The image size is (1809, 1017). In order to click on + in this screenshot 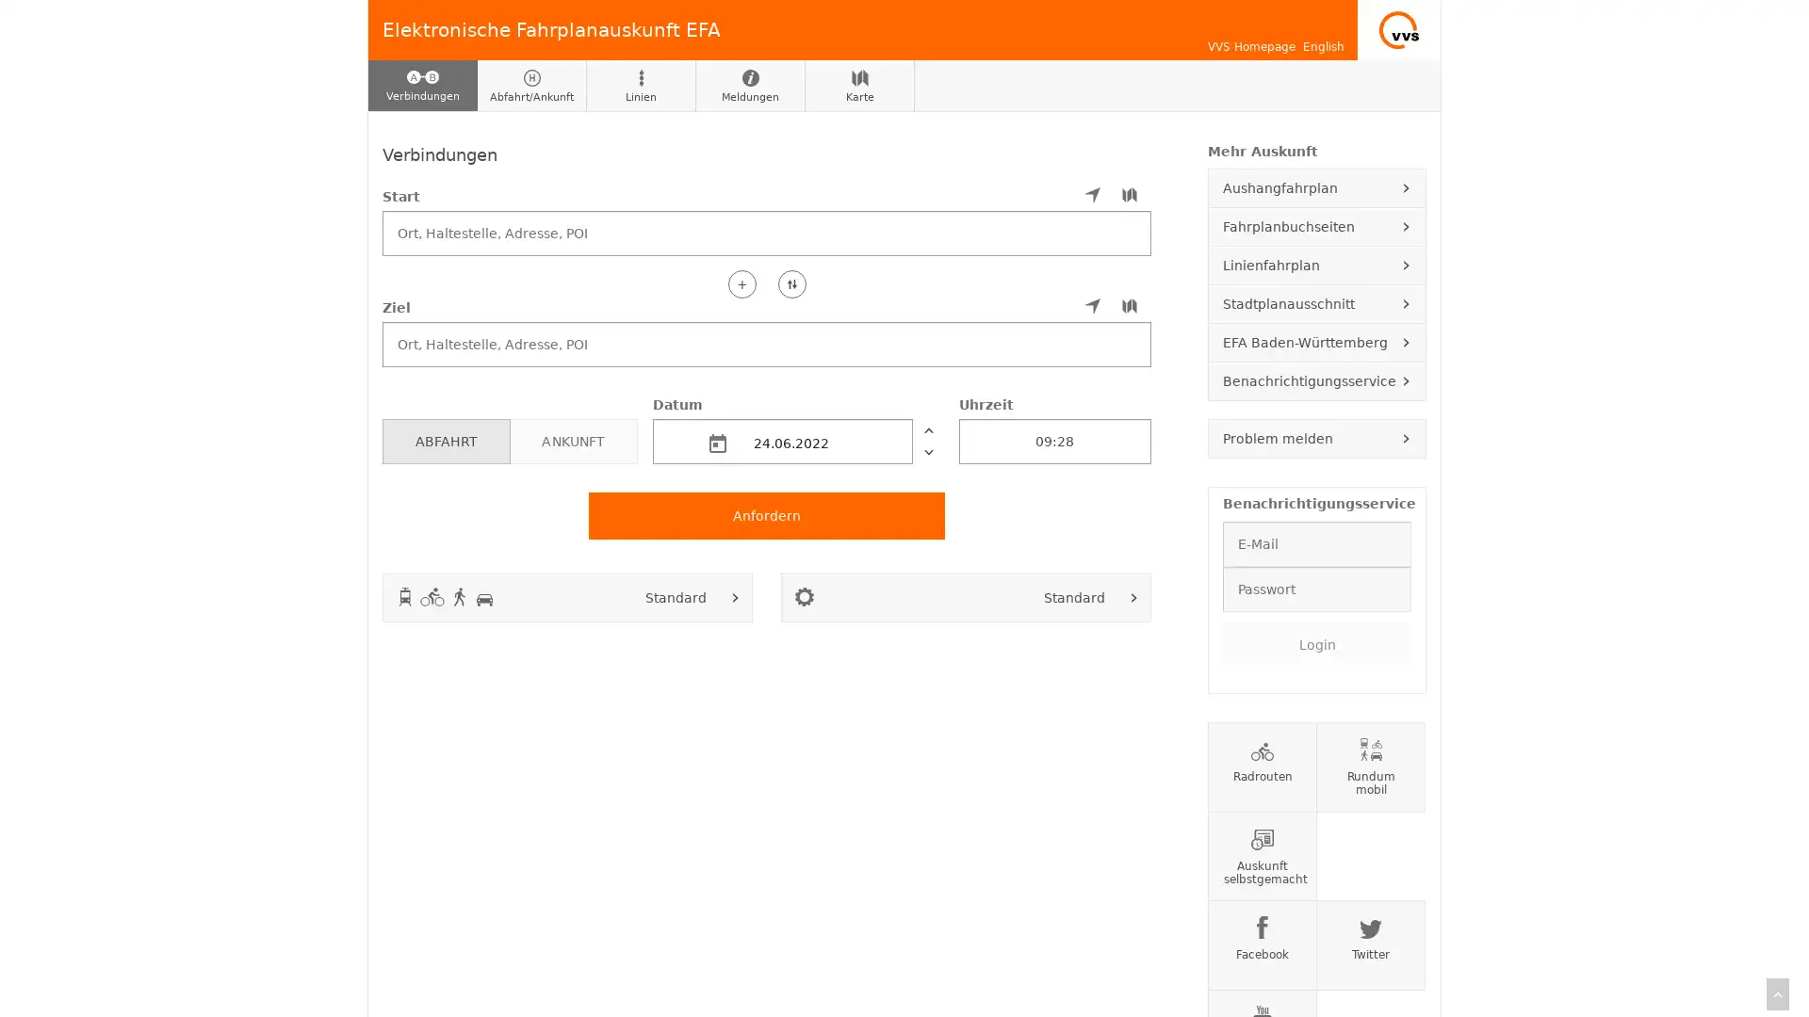, I will do `click(741, 282)`.